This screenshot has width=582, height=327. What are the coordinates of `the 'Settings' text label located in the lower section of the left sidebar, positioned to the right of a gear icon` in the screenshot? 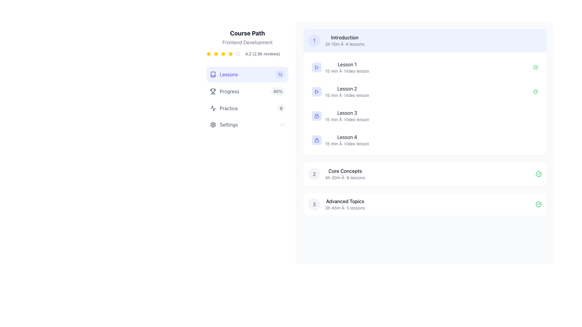 It's located at (228, 124).